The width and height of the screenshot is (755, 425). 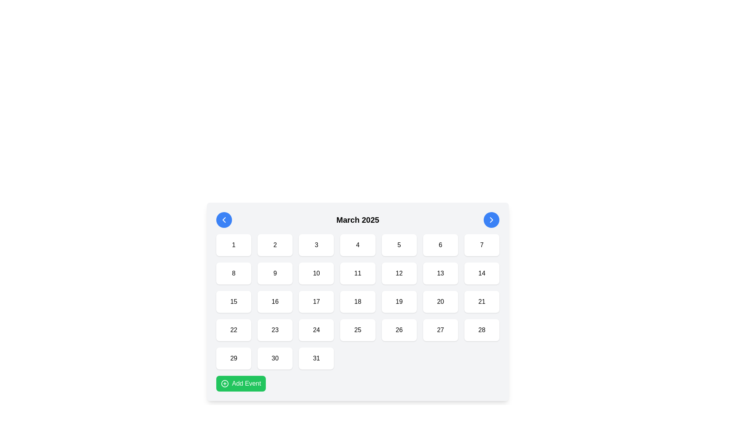 What do you see at coordinates (357, 220) in the screenshot?
I see `the Text Label displaying 'March 2025', which indicates the current month and year of the calendar, located at the top section of the calendar panel` at bounding box center [357, 220].